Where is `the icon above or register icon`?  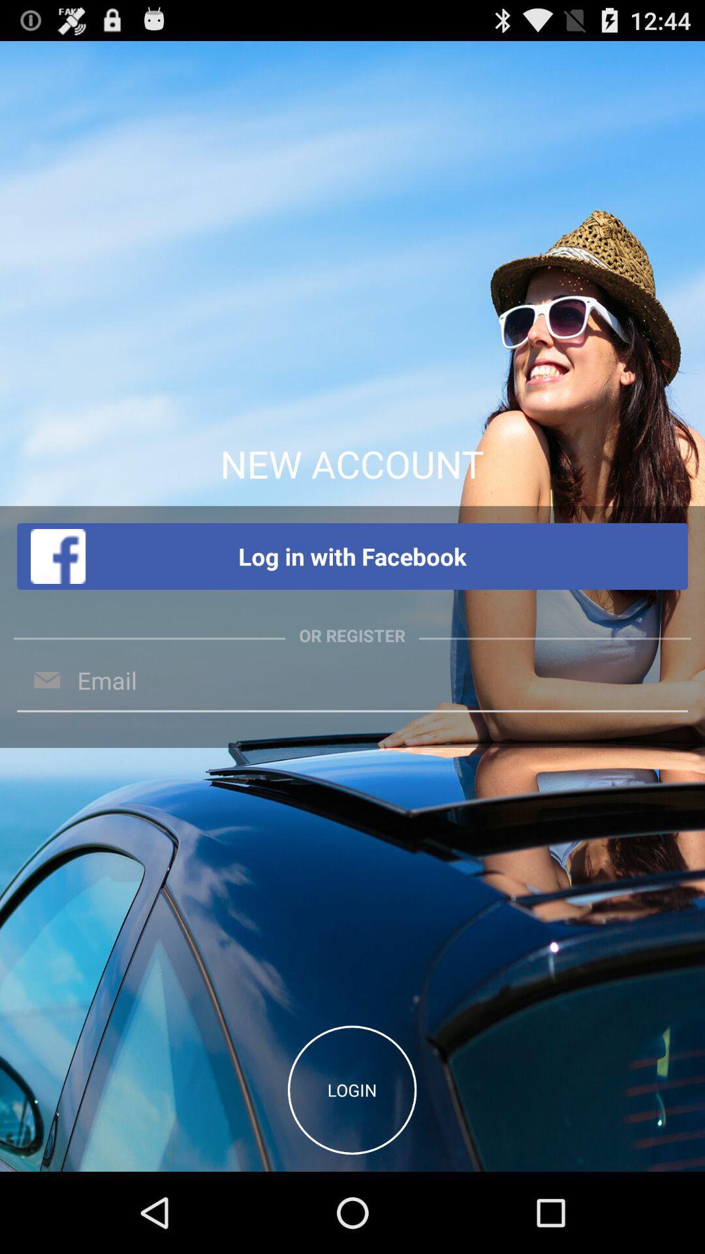
the icon above or register icon is located at coordinates (352, 556).